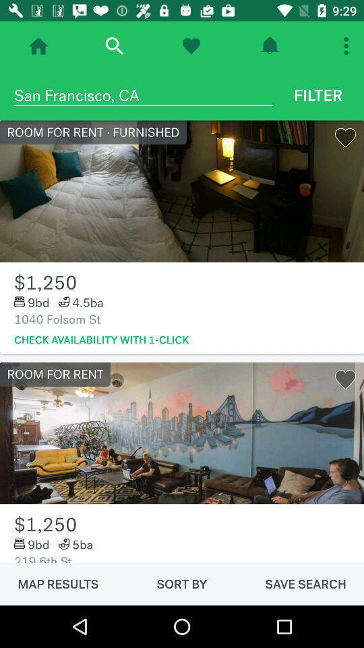 This screenshot has height=648, width=364. Describe the element at coordinates (113, 46) in the screenshot. I see `search` at that location.